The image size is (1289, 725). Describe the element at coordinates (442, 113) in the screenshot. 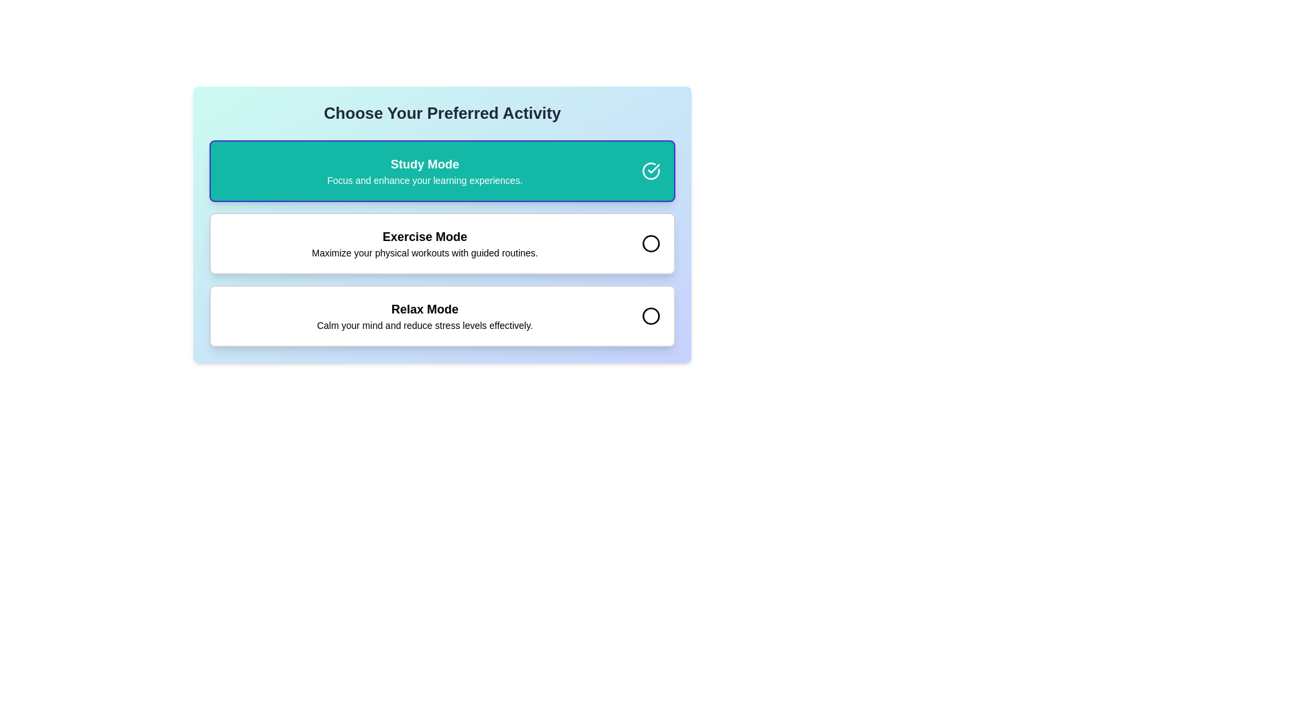

I see `instruction text from the text header labeled 'Choose Your Preferred Activity', which is styled in a bold, large font and centered at the top of the interactive section` at that location.